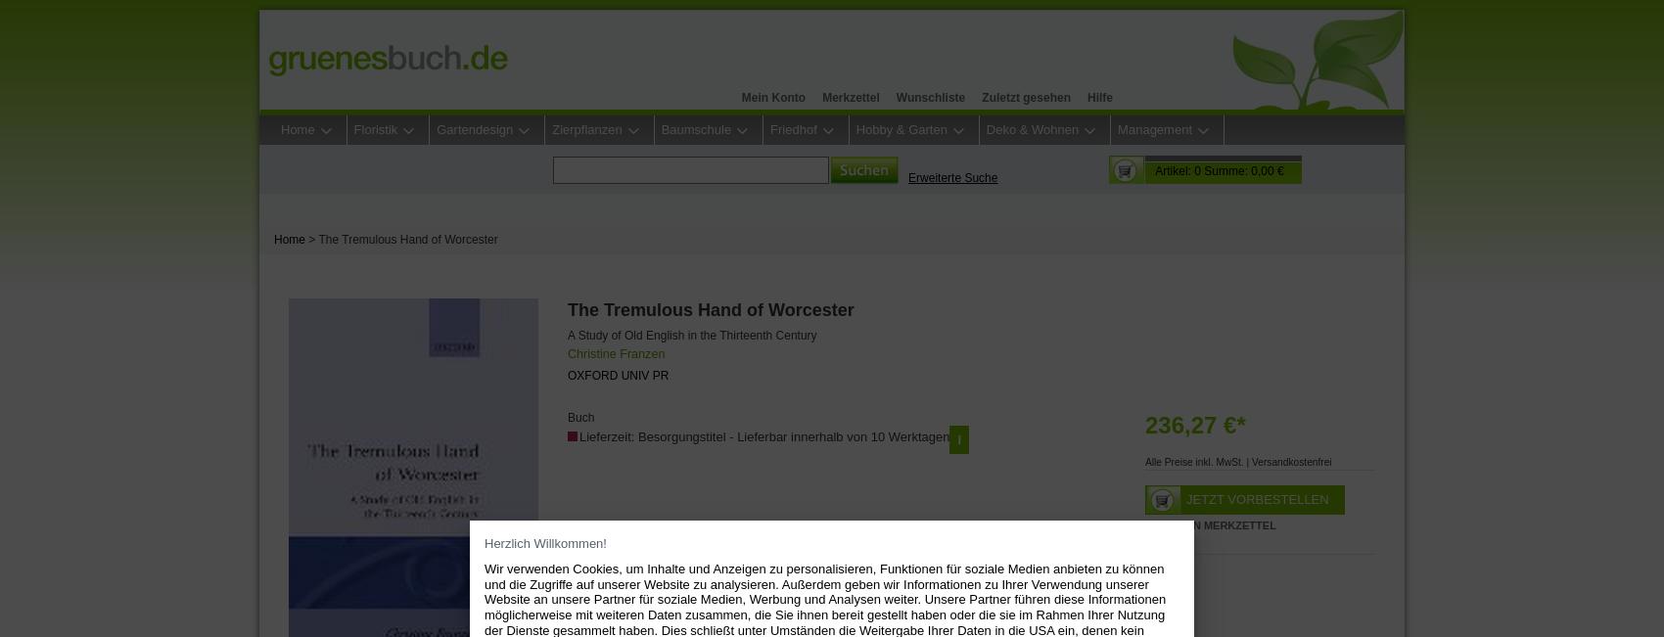 The image size is (1664, 637). What do you see at coordinates (956, 438) in the screenshot?
I see `'I'` at bounding box center [956, 438].